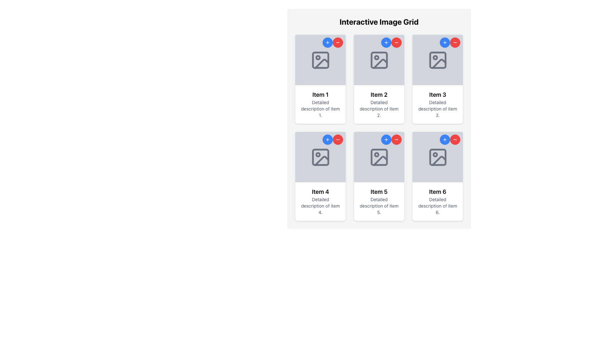  Describe the element at coordinates (320, 157) in the screenshot. I see `the gray square placeholder icon representing an image within the card labeled 'Item 4'` at that location.